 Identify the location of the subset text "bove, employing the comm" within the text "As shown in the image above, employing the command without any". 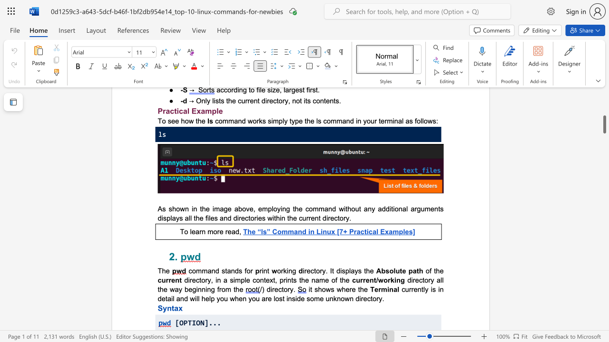
(238, 208).